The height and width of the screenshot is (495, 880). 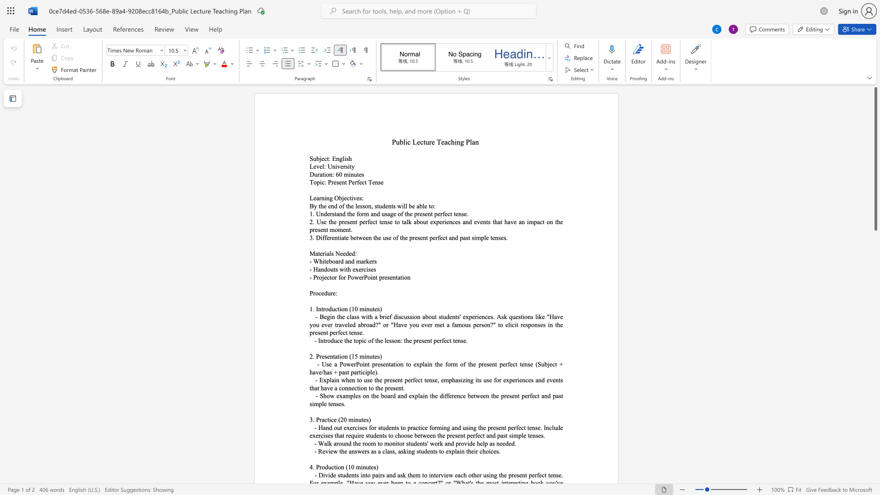 I want to click on the space between the continuous character "o" and "u" in the text, so click(x=341, y=443).